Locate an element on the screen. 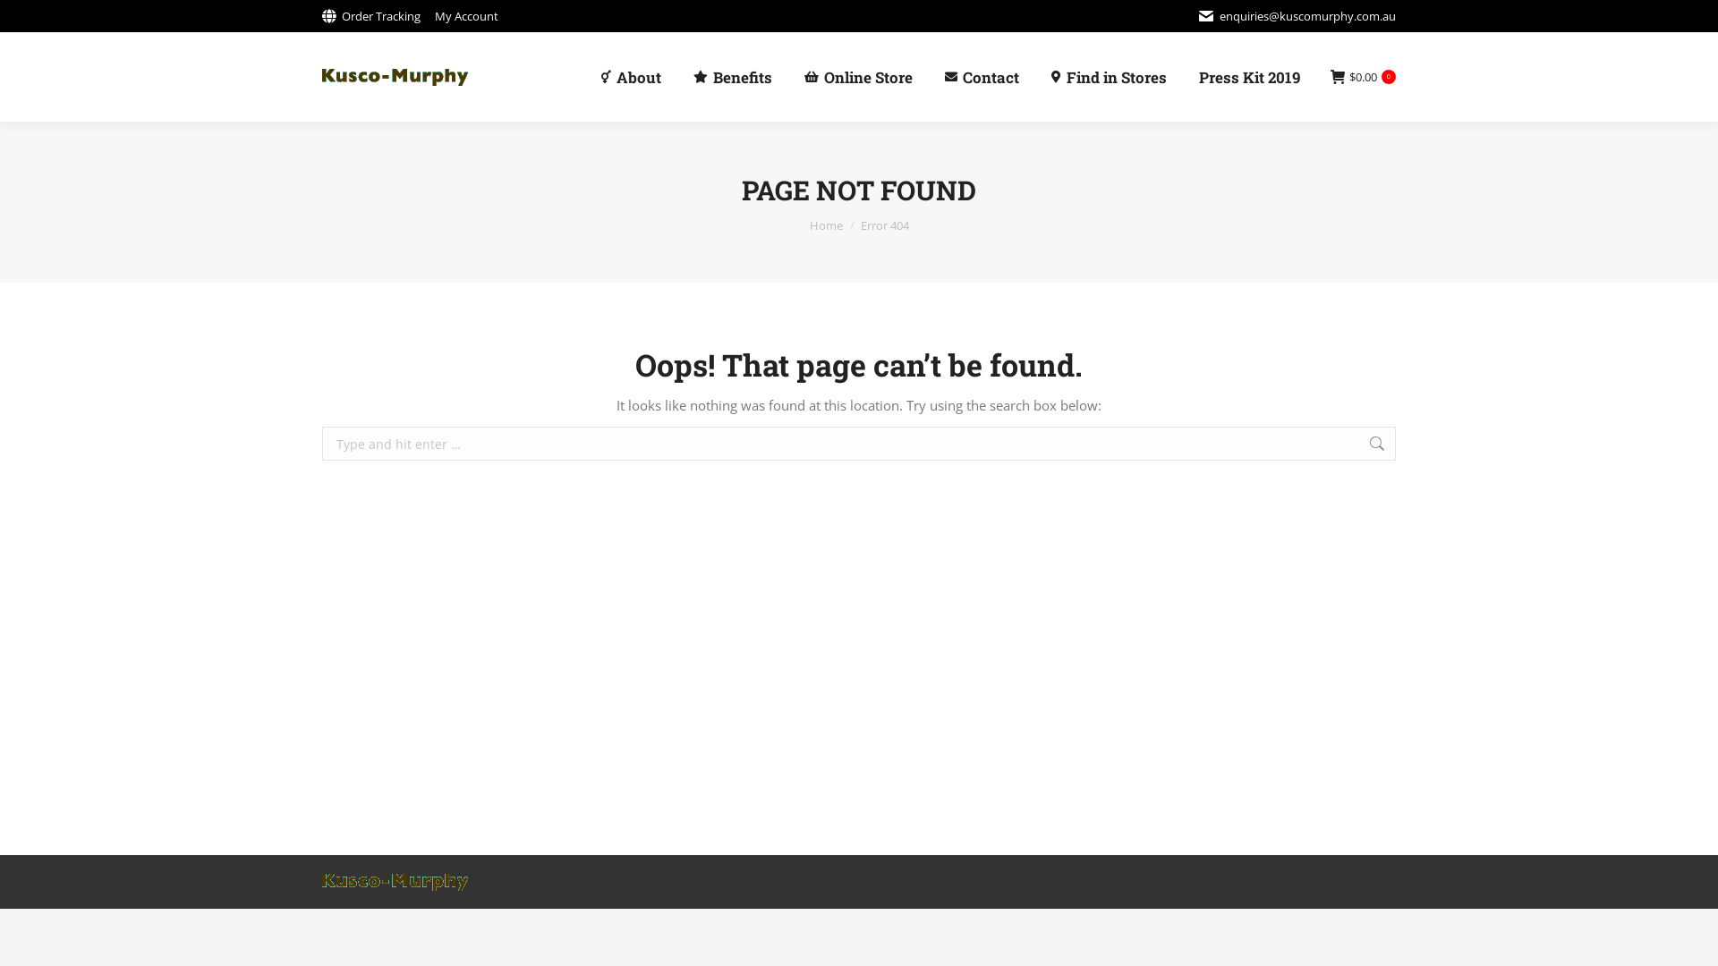  'About' is located at coordinates (631, 75).